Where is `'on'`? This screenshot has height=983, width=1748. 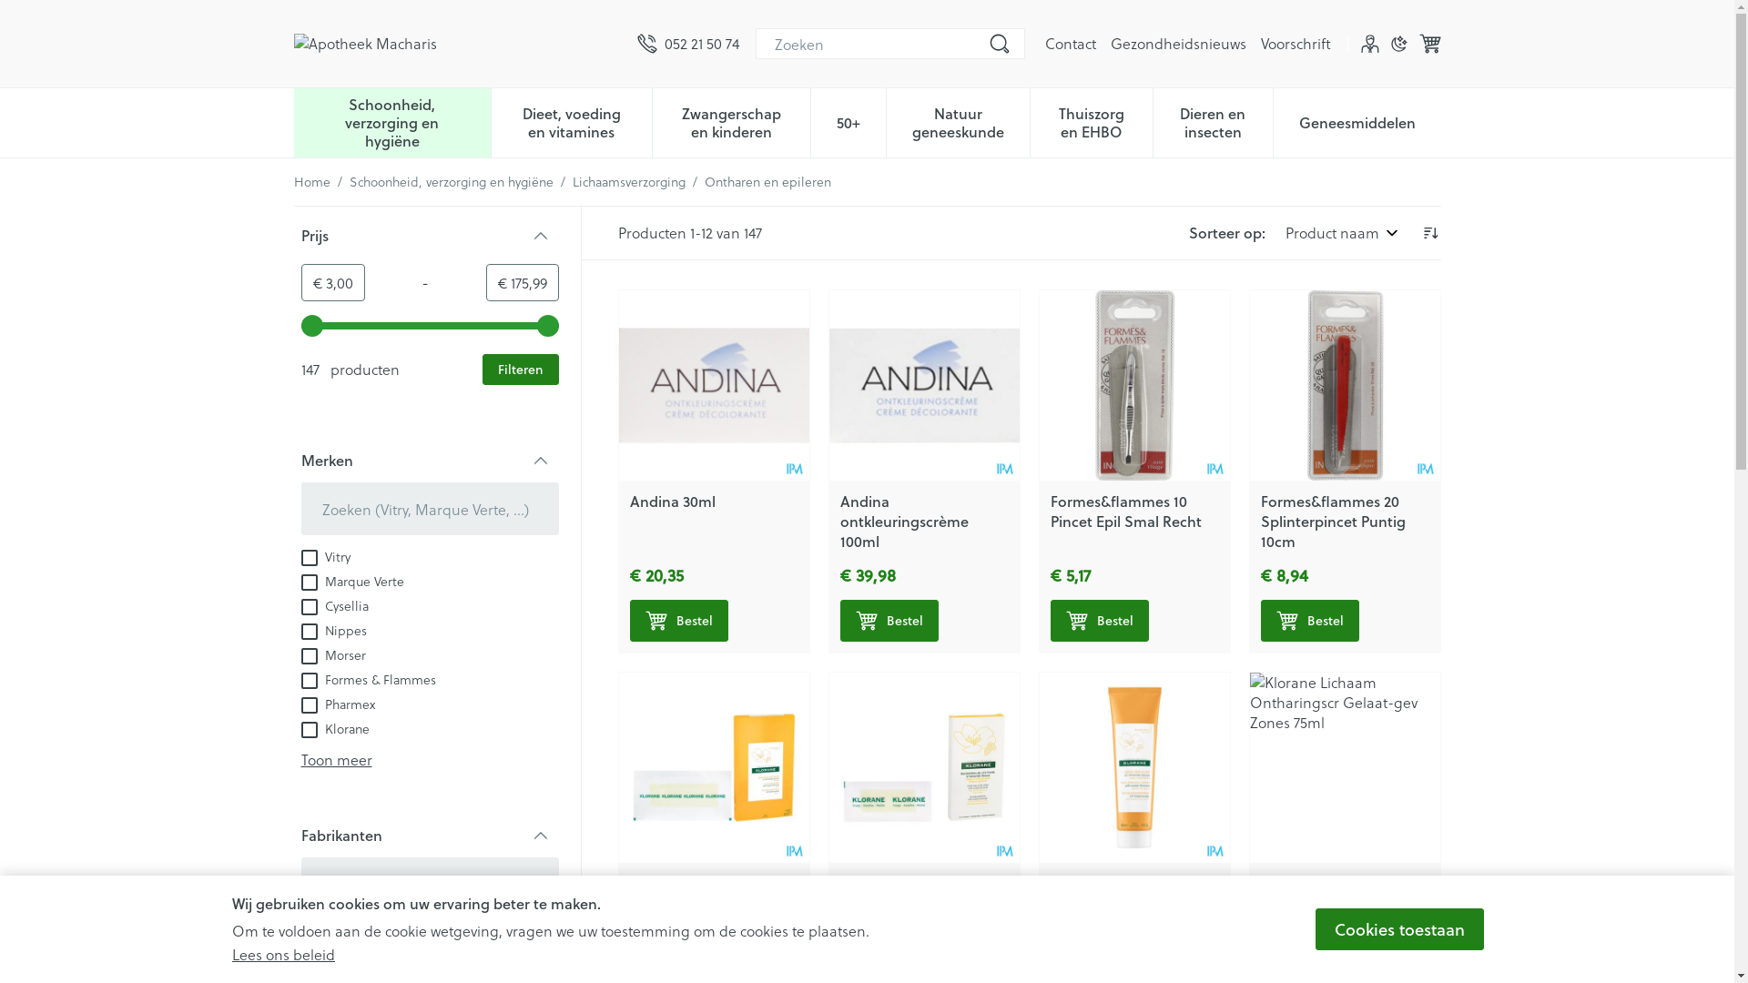
'on' is located at coordinates (309, 631).